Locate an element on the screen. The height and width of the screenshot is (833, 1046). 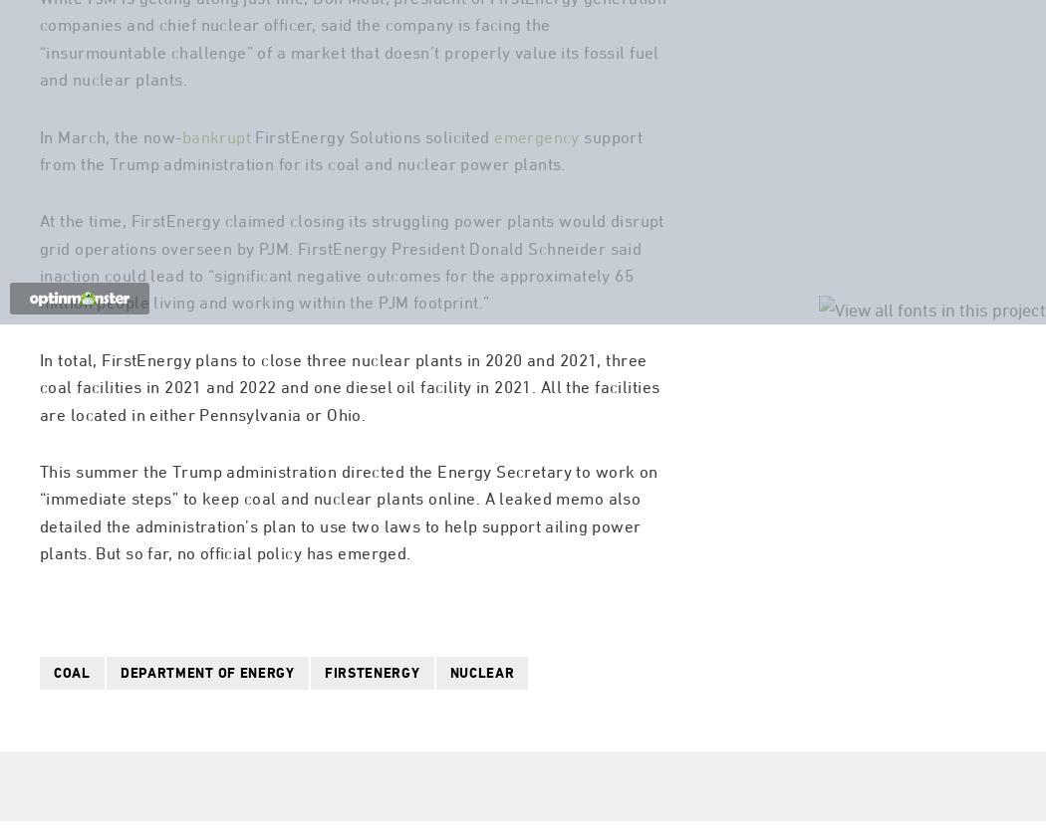
'This summer the Trump administration directed the Energy Secretary to work on “immediate steps” to keep coal and nuclear plants online. A leaked memo also detailed the administration’s plan to use two laws to help support ailing power plants. But so far, no official policy has emerged.' is located at coordinates (347, 592).